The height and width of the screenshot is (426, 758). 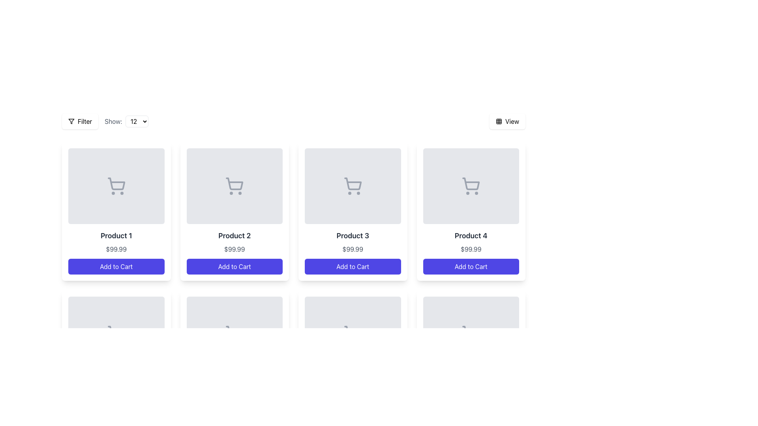 What do you see at coordinates (471, 266) in the screenshot?
I see `the button that adds the associated product to the shopping cart, located at the bottom of the product card on the far right of the grid layout` at bounding box center [471, 266].